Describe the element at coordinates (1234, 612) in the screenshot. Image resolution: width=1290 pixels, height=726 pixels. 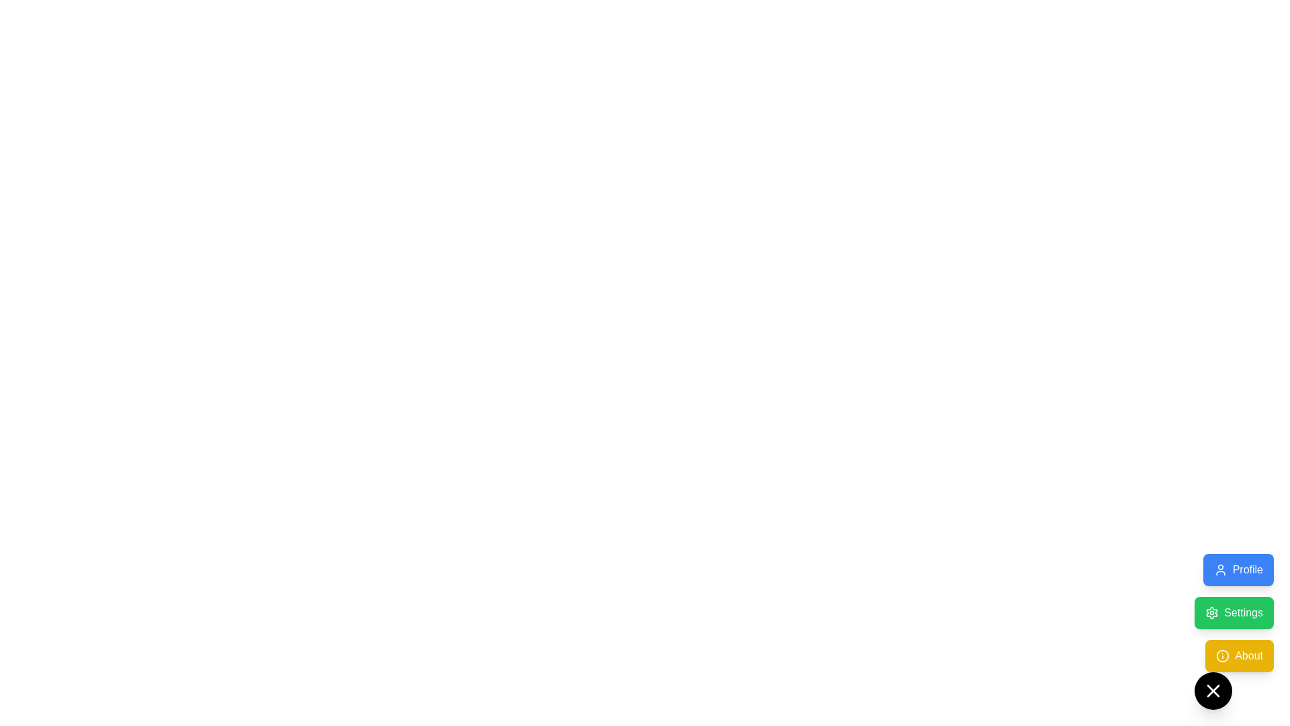
I see `the green 'Settings' button with a cogwheel icon` at that location.